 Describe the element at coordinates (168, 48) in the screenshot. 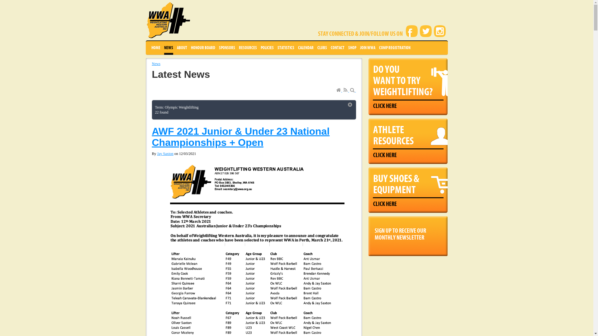

I see `'NEWS'` at that location.